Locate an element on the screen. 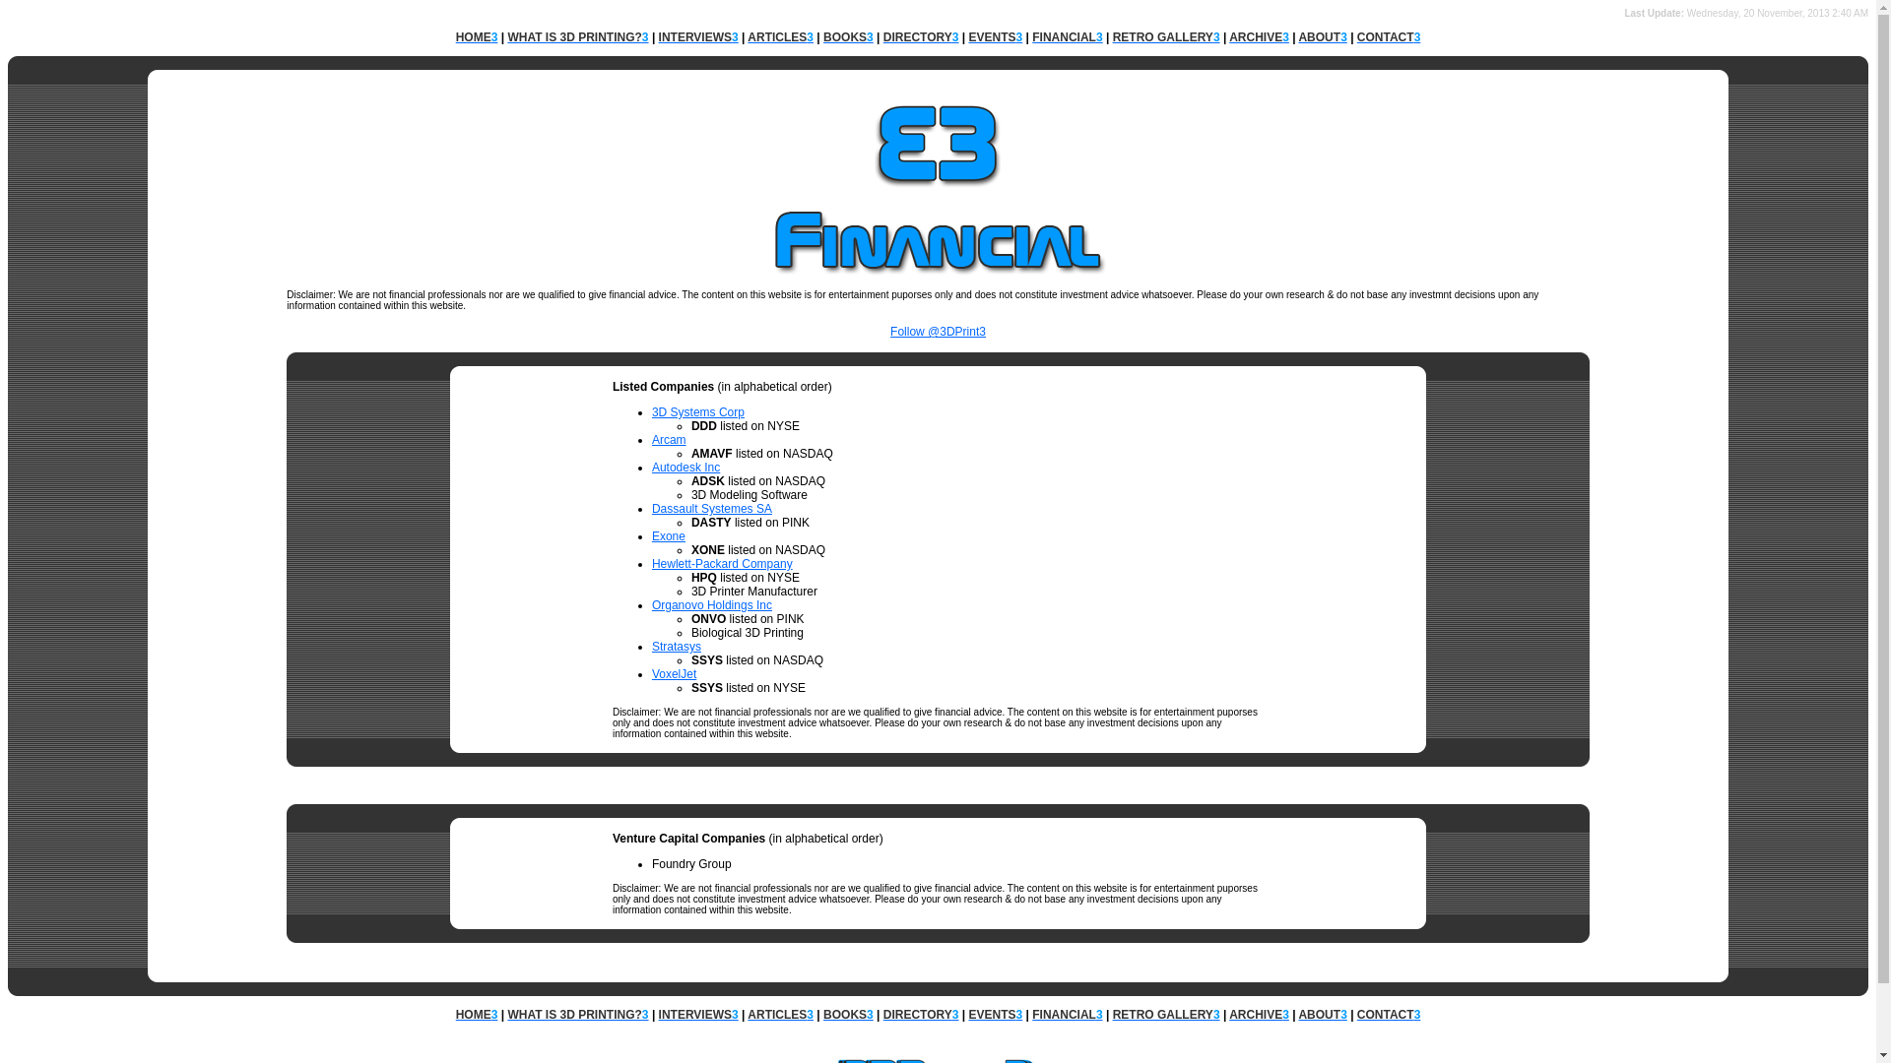 This screenshot has width=1891, height=1063. 'RETRO GALLERY3' is located at coordinates (1166, 37).